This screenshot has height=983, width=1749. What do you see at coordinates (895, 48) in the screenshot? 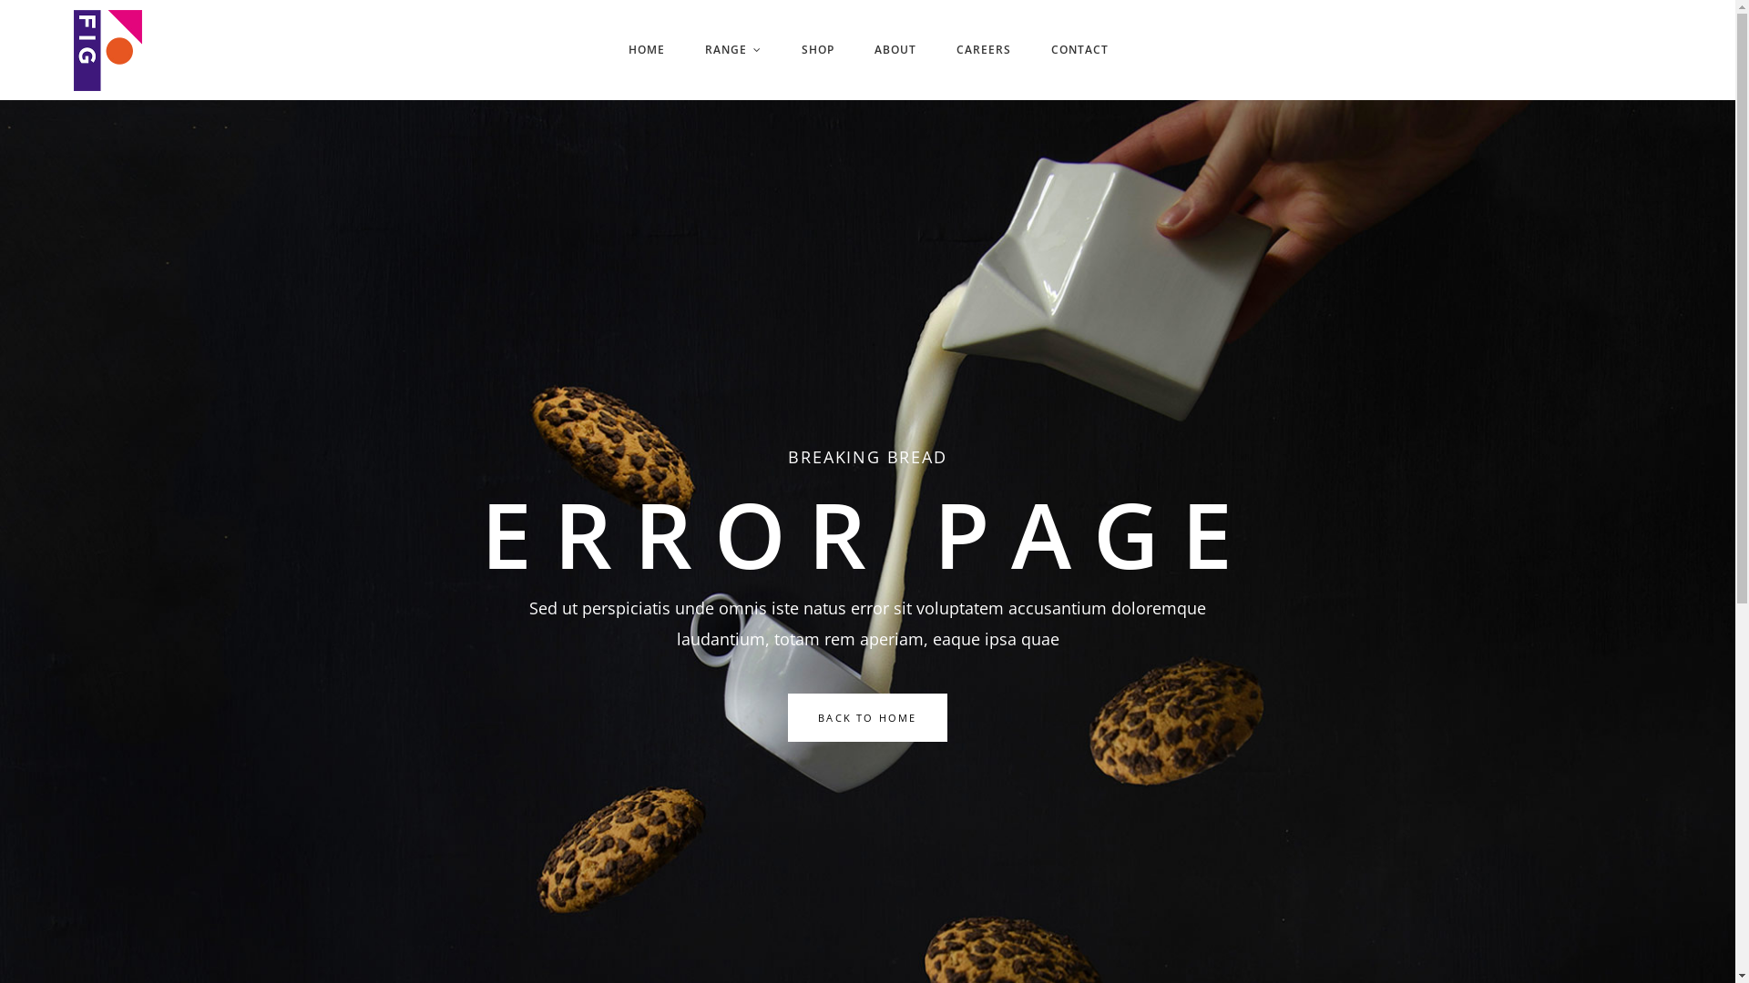
I see `'ABOUT'` at bounding box center [895, 48].